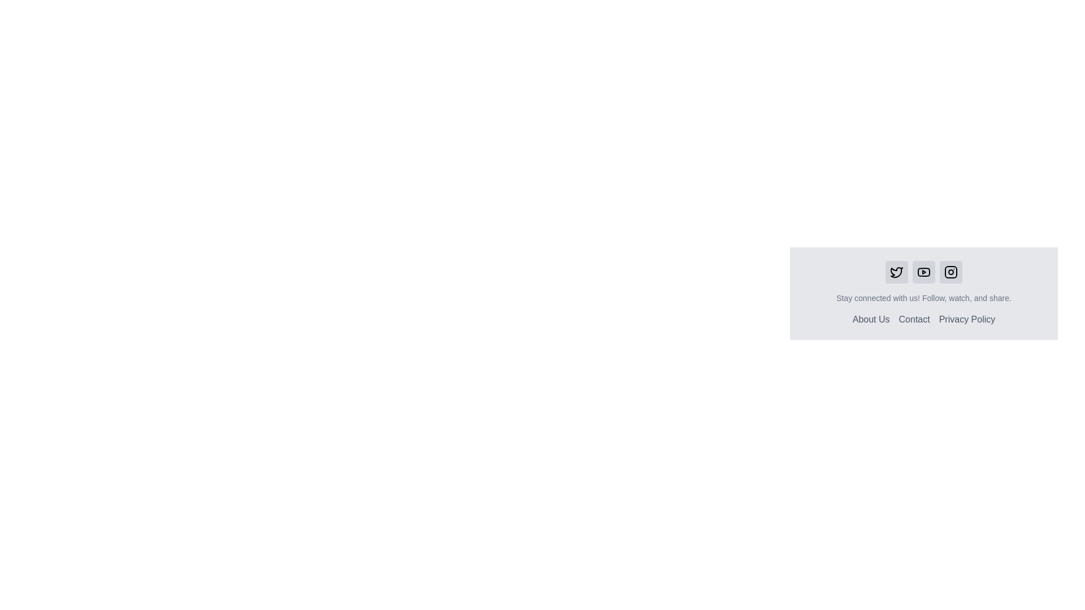  What do you see at coordinates (870, 320) in the screenshot?
I see `the 'About Us' text link located in the horizontal navigation bar` at bounding box center [870, 320].